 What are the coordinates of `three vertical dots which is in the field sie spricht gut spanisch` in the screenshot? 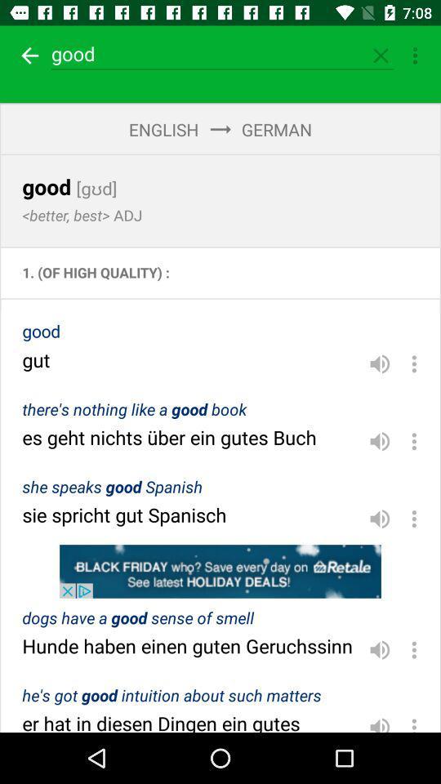 It's located at (414, 519).